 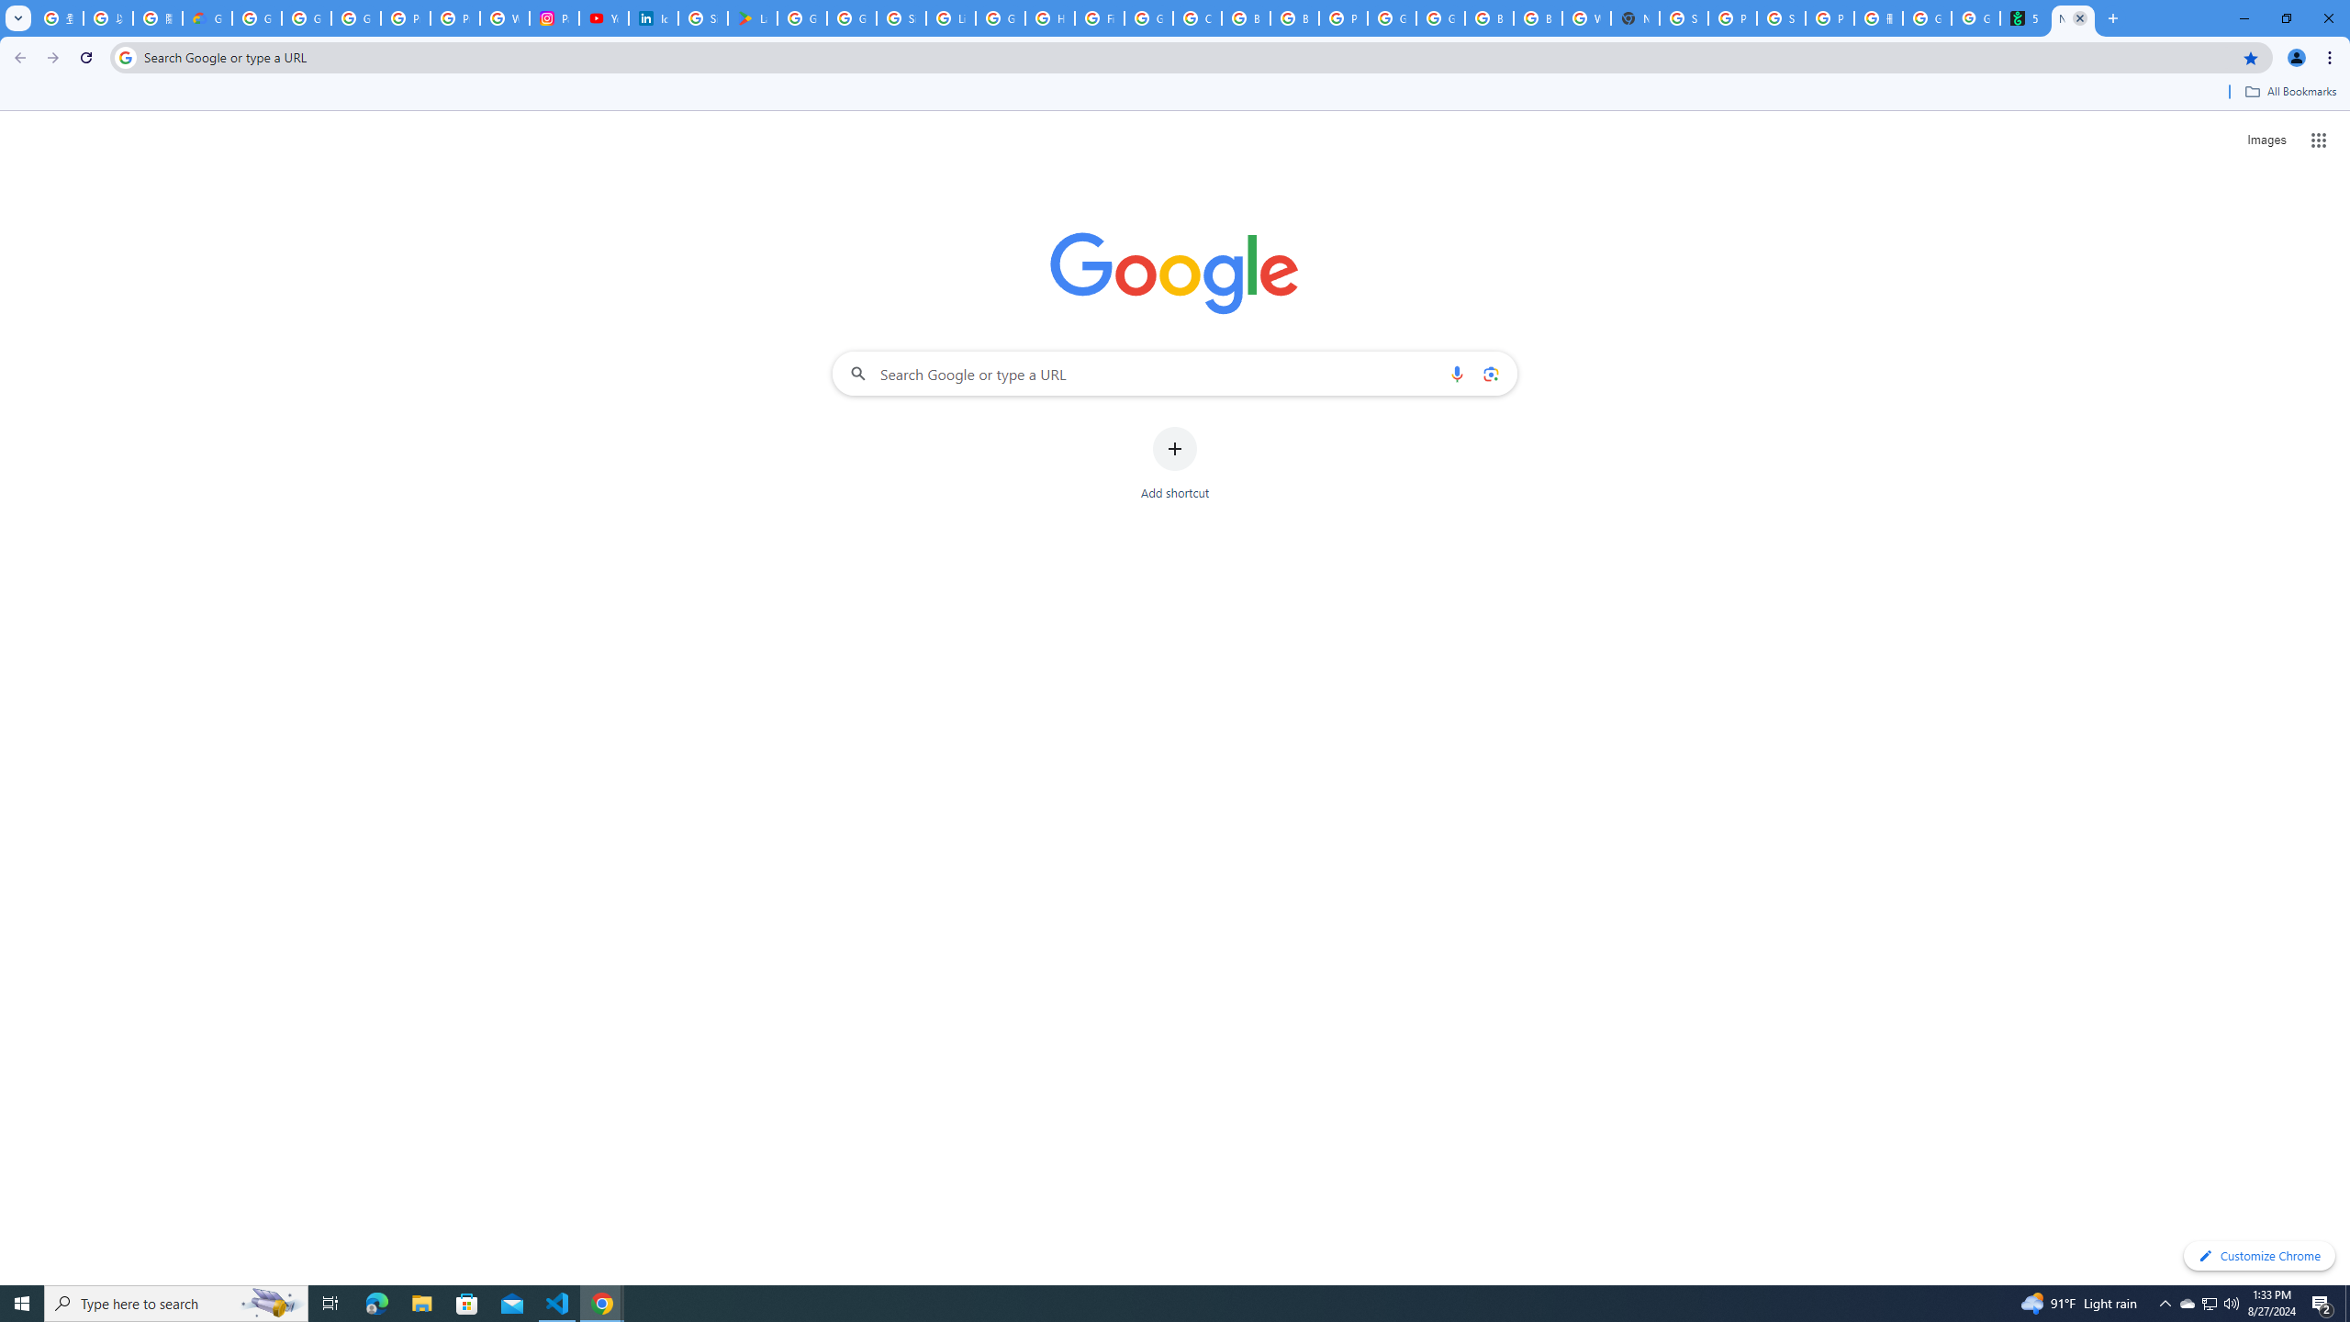 What do you see at coordinates (1294, 17) in the screenshot?
I see `'Browse Chrome as a guest - Computer - Google Chrome Help'` at bounding box center [1294, 17].